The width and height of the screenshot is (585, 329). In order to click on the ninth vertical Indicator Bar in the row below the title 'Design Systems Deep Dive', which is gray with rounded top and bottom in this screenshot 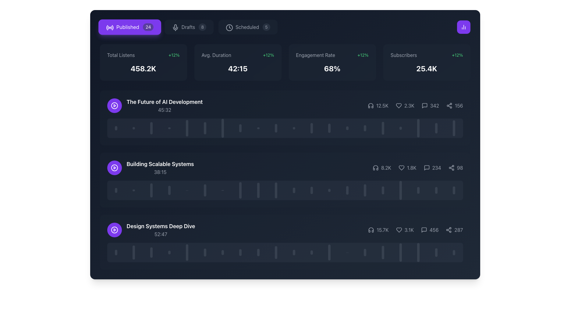, I will do `click(258, 253)`.